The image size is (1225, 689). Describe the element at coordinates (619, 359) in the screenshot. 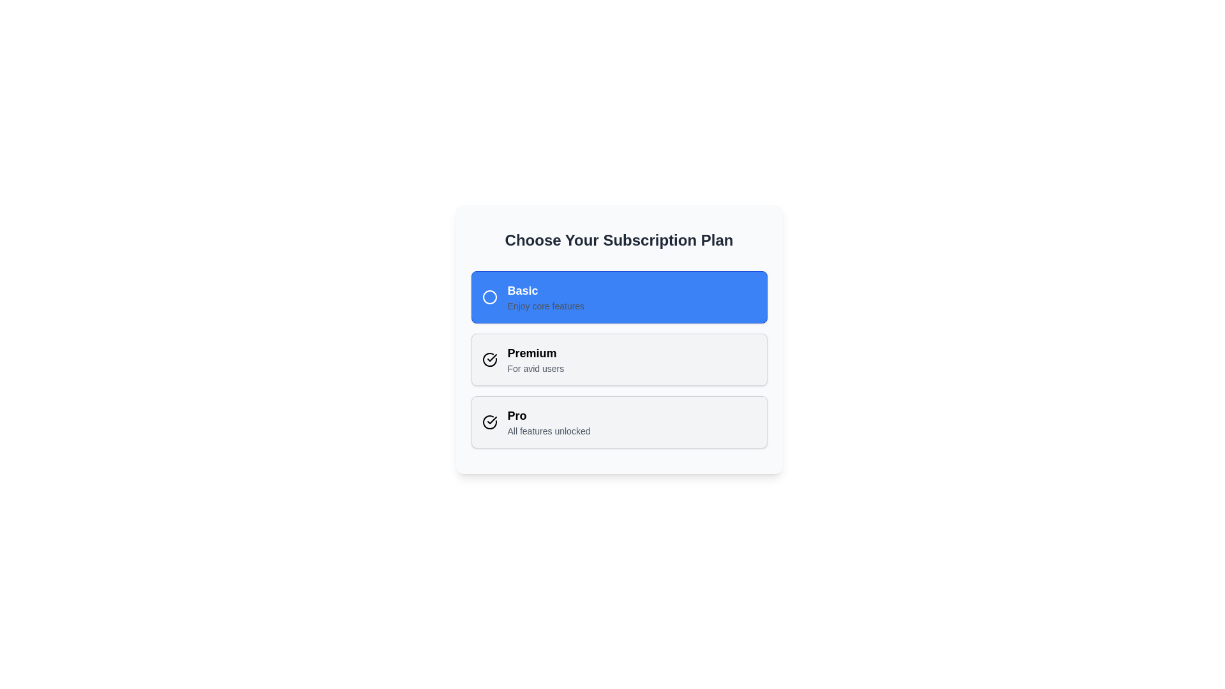

I see `the 'Premium' subscription plan button, which is the second option` at that location.